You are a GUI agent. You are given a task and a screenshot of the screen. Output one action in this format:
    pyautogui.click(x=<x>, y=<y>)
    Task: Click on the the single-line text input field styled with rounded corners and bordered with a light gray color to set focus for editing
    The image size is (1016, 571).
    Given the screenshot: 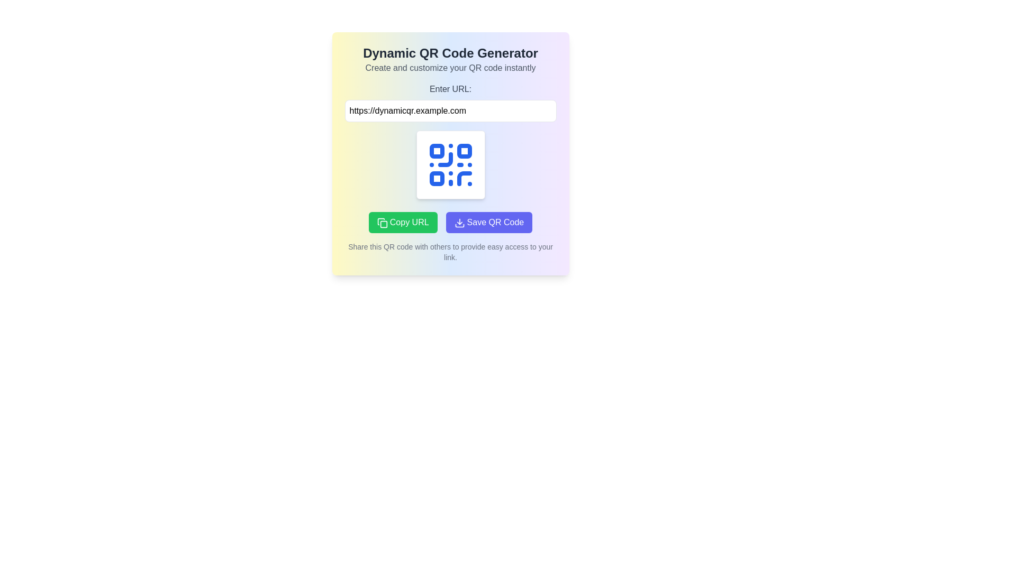 What is the action you would take?
    pyautogui.click(x=450, y=110)
    